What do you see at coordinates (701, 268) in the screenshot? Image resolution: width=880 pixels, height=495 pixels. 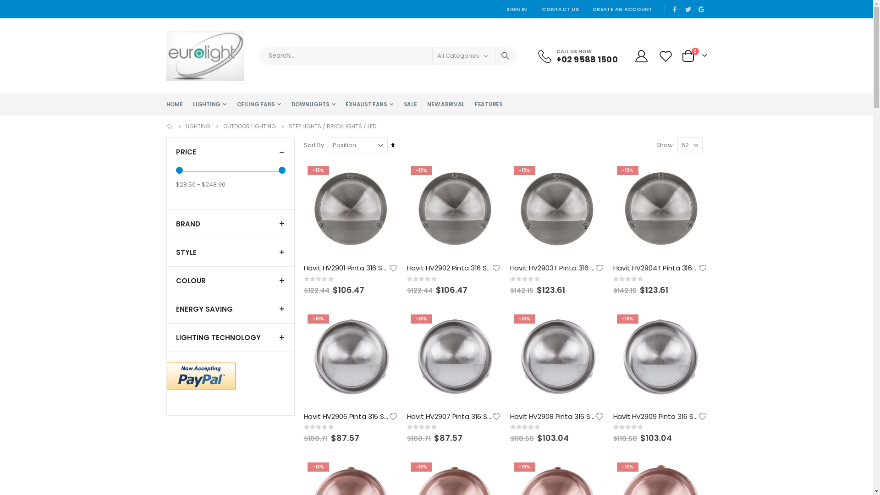 I see `'Add to Wish List'` at bounding box center [701, 268].